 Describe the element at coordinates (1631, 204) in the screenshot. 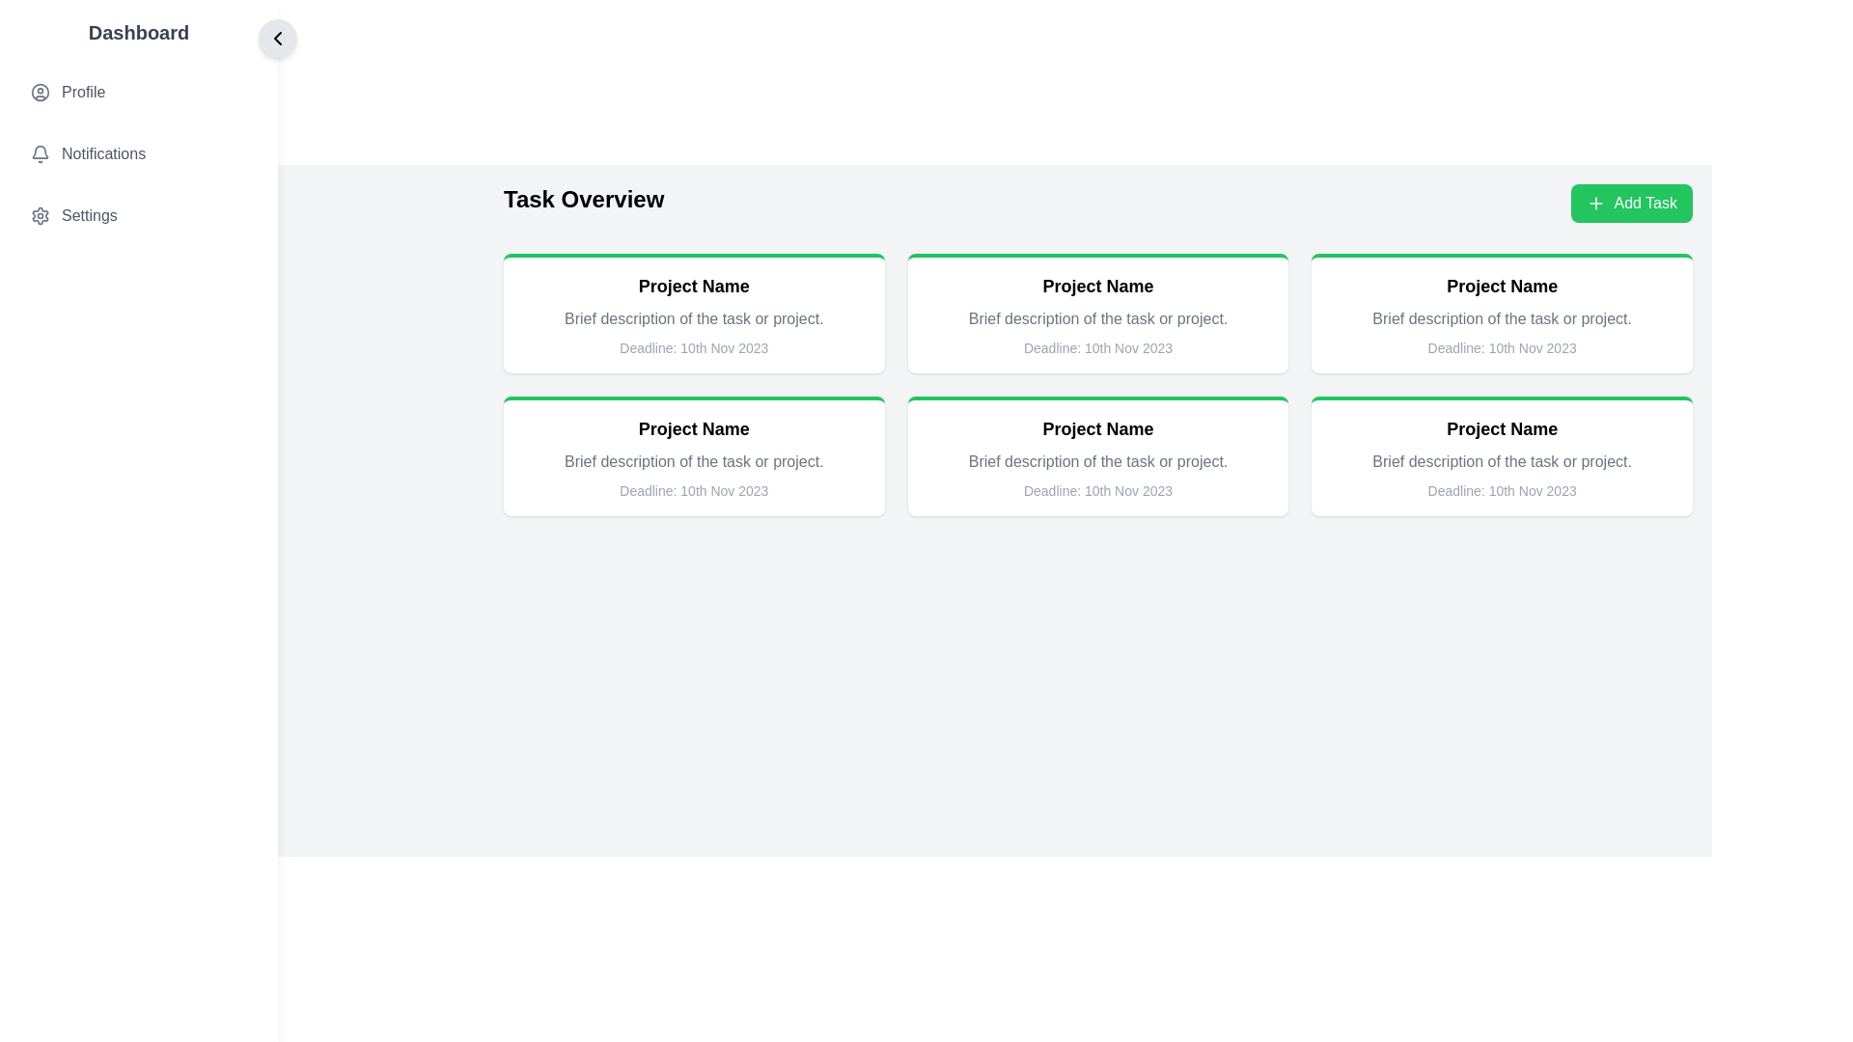

I see `the button located in the top-right corner of the content area next to the title 'Task Overview'` at that location.